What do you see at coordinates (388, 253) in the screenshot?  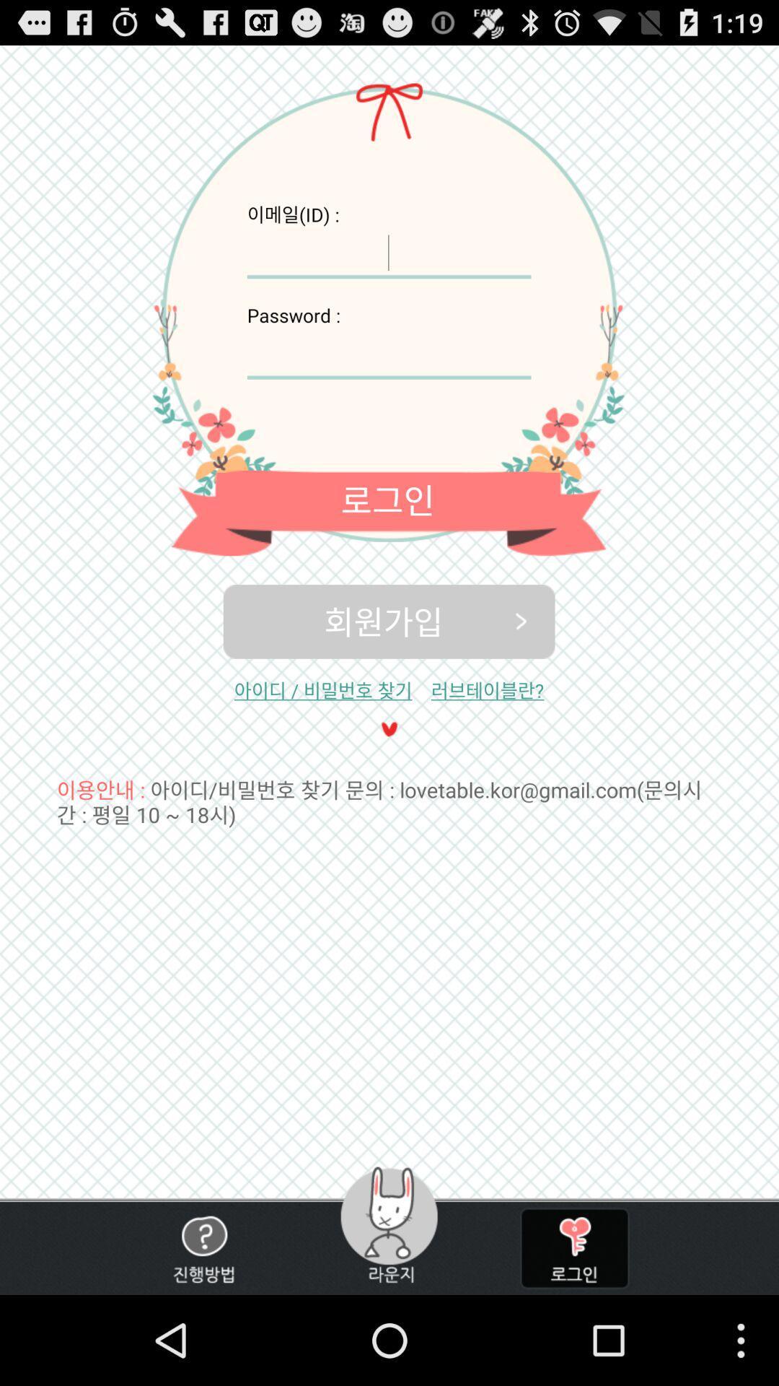 I see `user name enter option` at bounding box center [388, 253].